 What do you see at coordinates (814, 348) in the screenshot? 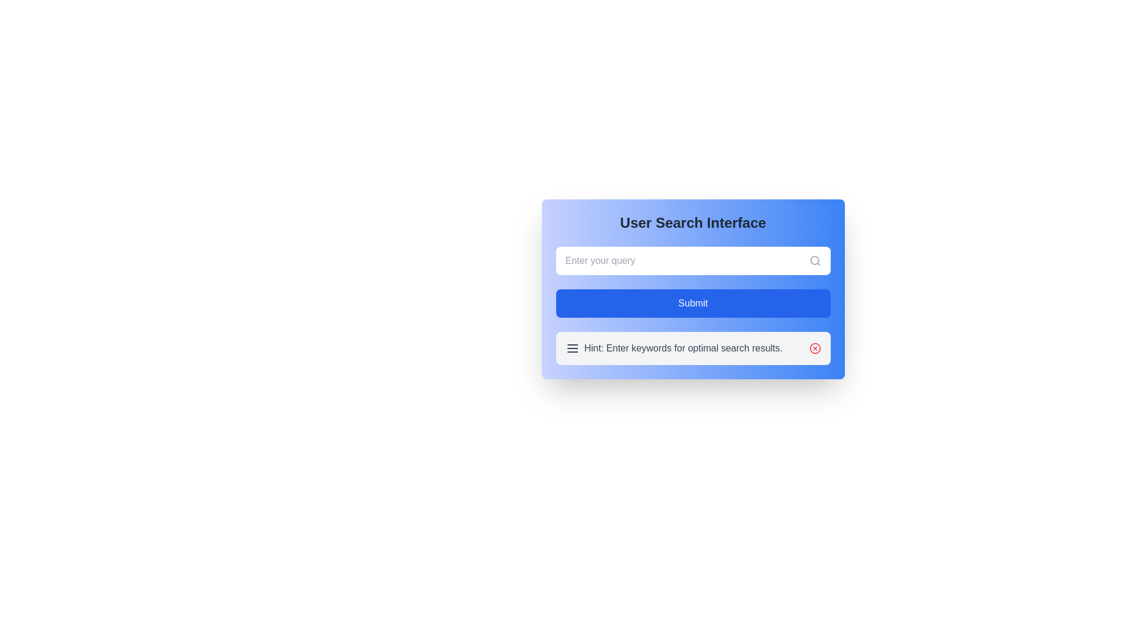
I see `the circular close icon located in the bottom-right corner of the help hint section beneath the search input area` at bounding box center [814, 348].